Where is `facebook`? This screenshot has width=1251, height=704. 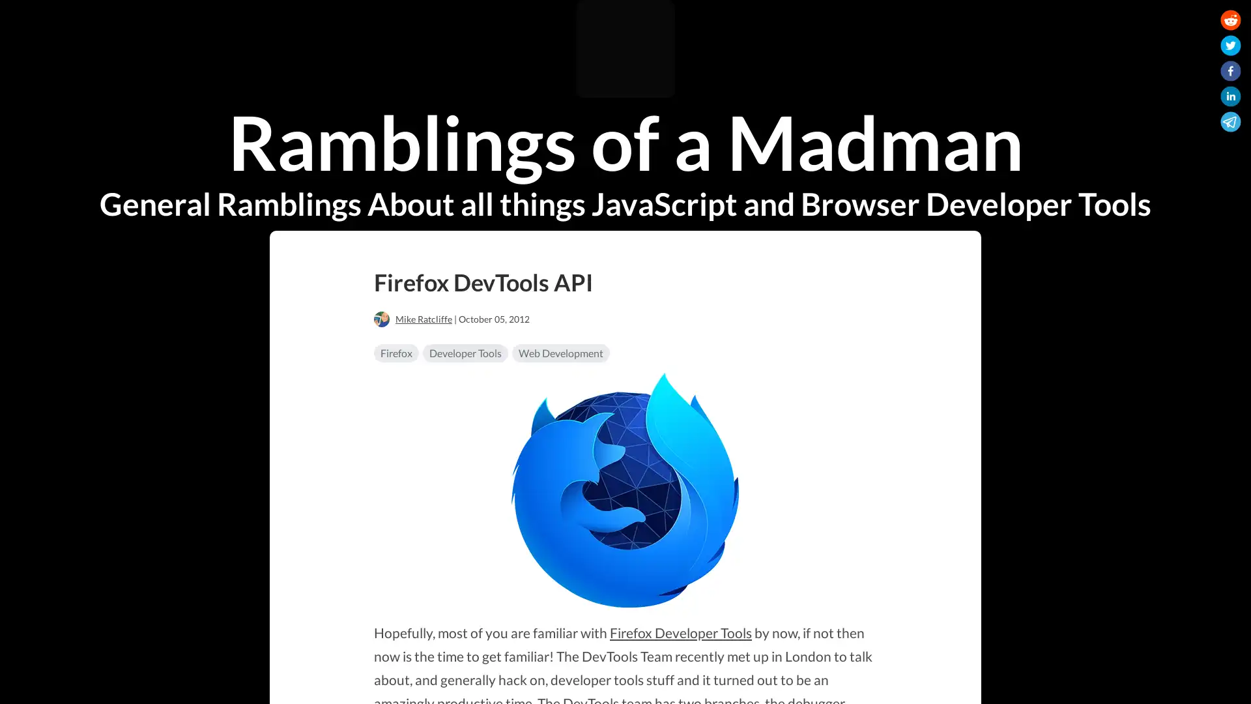
facebook is located at coordinates (1230, 73).